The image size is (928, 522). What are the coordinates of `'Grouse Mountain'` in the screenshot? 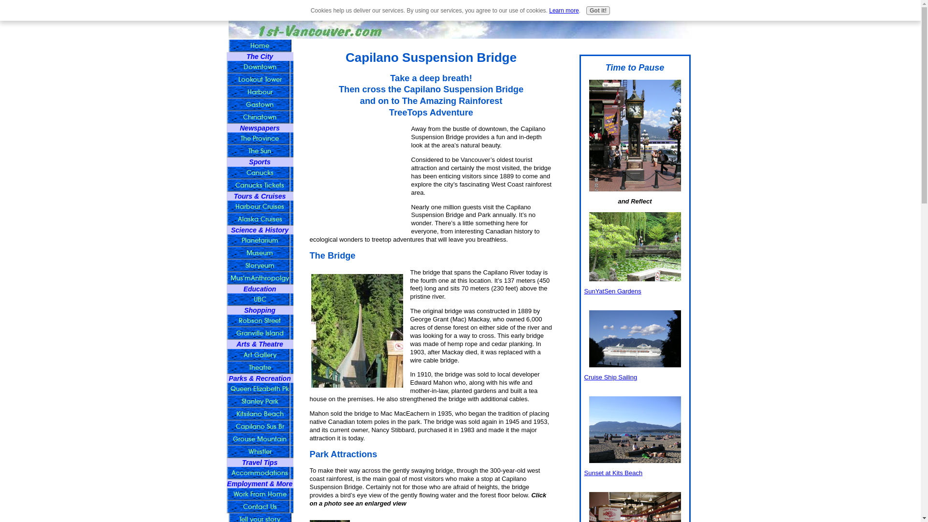 It's located at (260, 439).